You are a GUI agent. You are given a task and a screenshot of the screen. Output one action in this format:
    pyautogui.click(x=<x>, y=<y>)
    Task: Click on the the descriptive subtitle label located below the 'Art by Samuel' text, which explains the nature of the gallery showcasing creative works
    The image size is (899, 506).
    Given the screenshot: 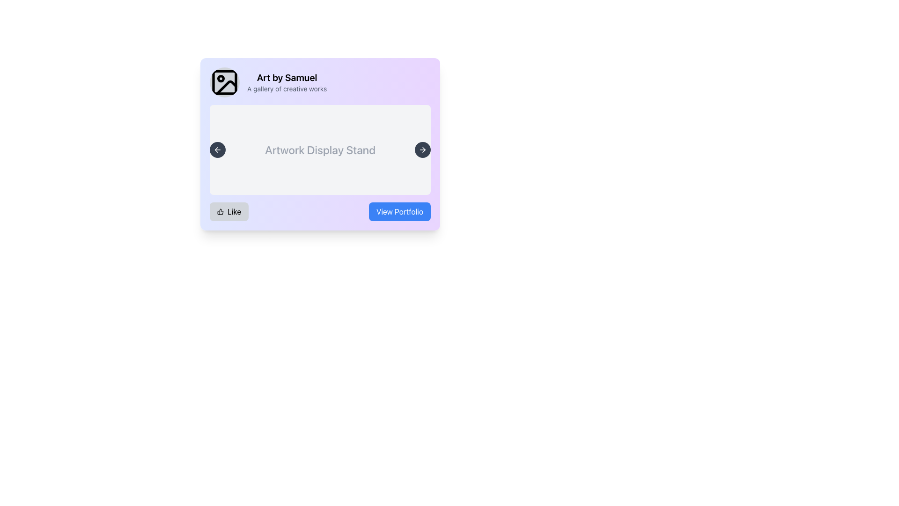 What is the action you would take?
    pyautogui.click(x=287, y=89)
    